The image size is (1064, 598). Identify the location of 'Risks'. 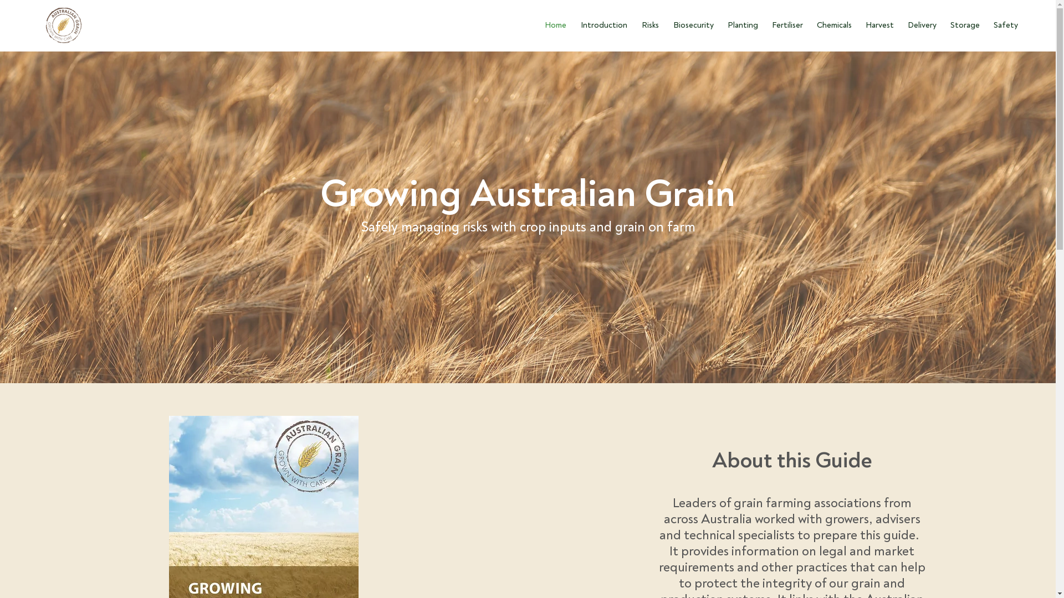
(648, 25).